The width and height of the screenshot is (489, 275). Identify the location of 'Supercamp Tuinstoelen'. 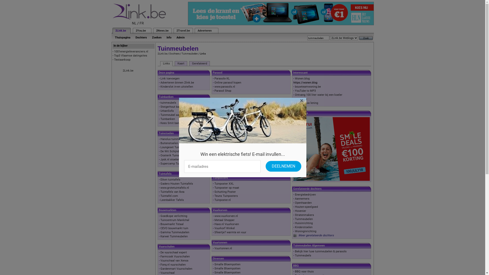
(160, 163).